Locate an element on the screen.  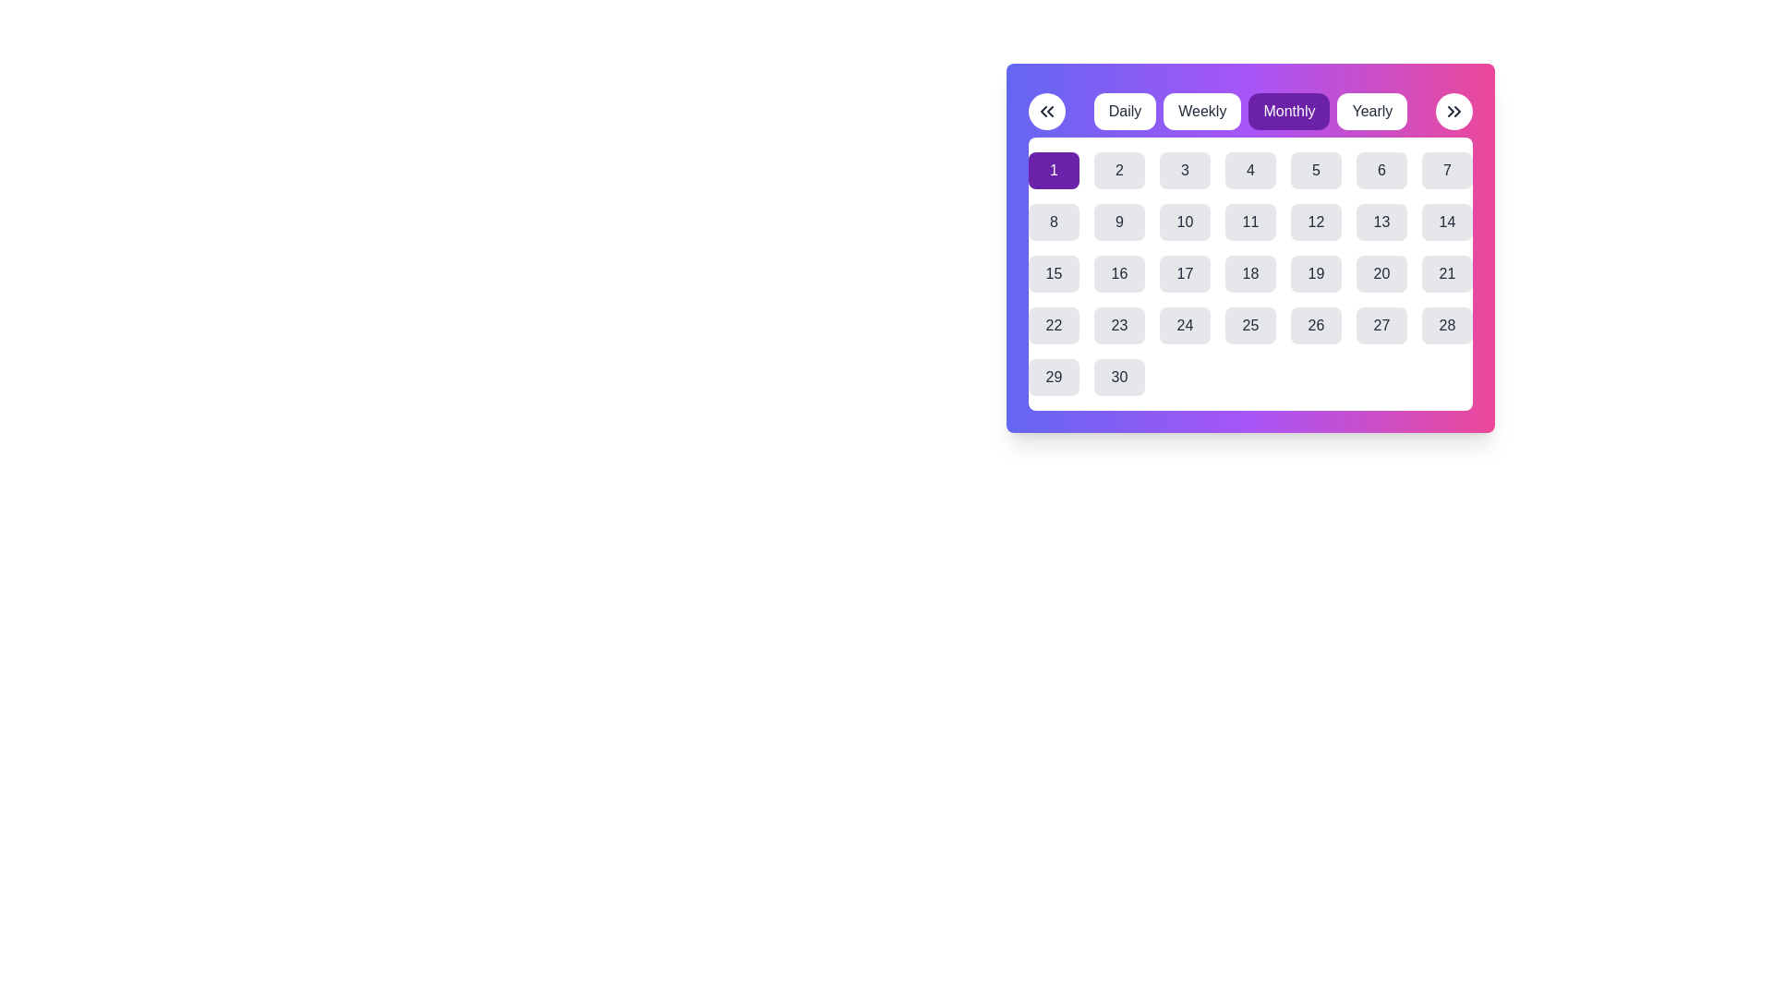
the navigation button located at the far right of the calendar header is located at coordinates (1453, 111).